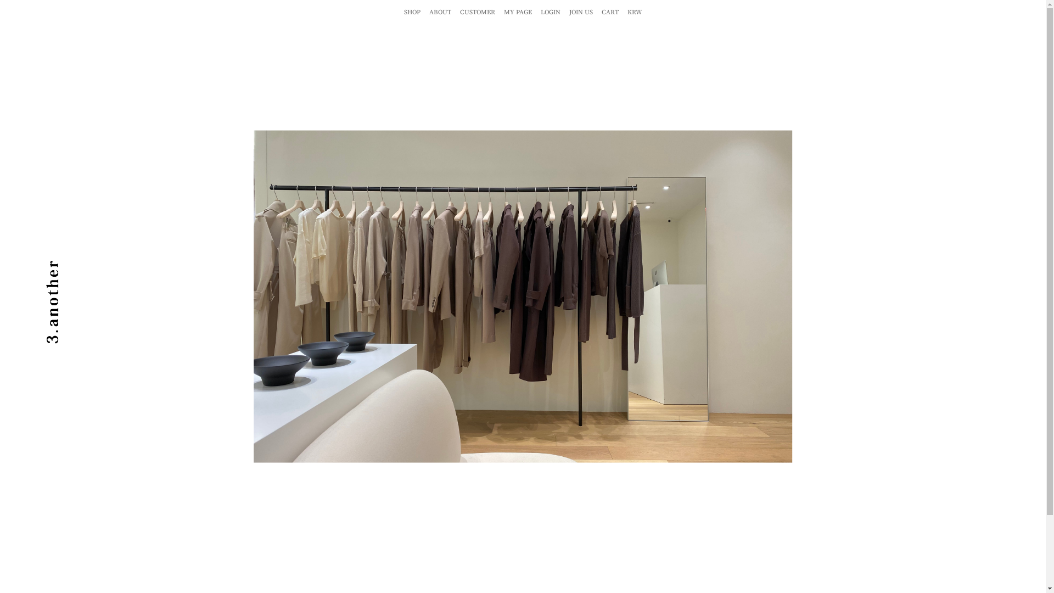  I want to click on 'ABOUT', so click(440, 12).